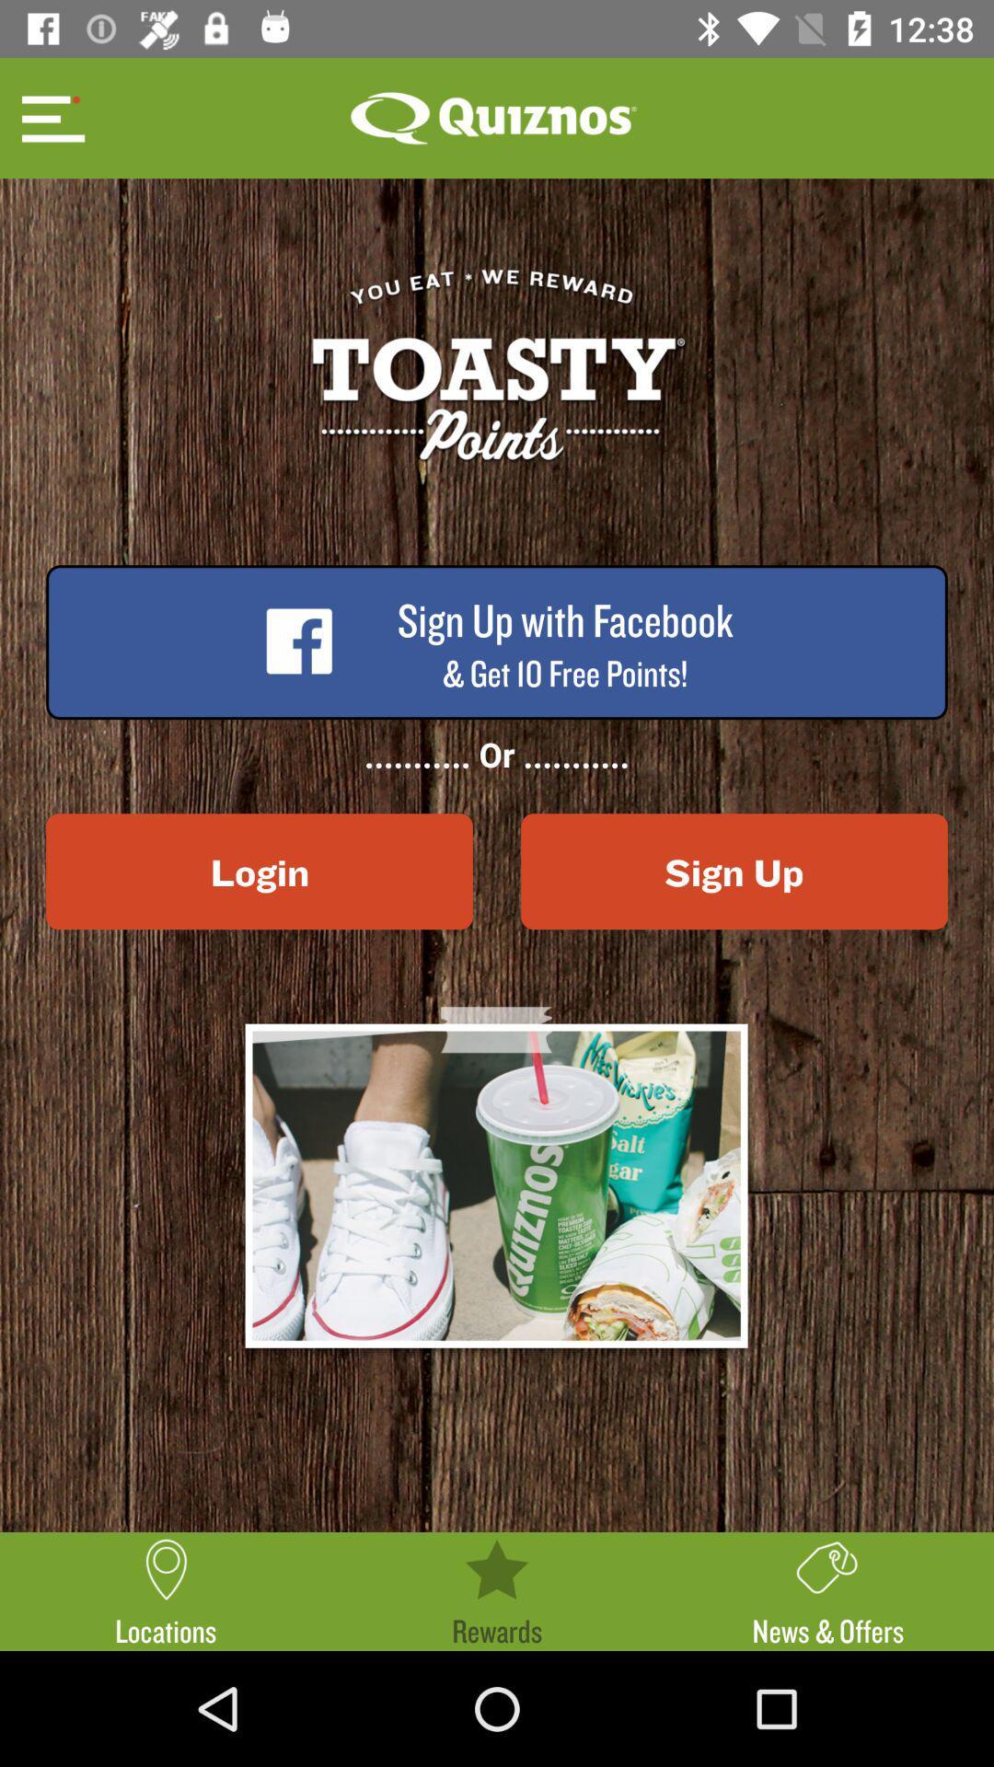 The height and width of the screenshot is (1767, 994). What do you see at coordinates (50, 117) in the screenshot?
I see `menu` at bounding box center [50, 117].